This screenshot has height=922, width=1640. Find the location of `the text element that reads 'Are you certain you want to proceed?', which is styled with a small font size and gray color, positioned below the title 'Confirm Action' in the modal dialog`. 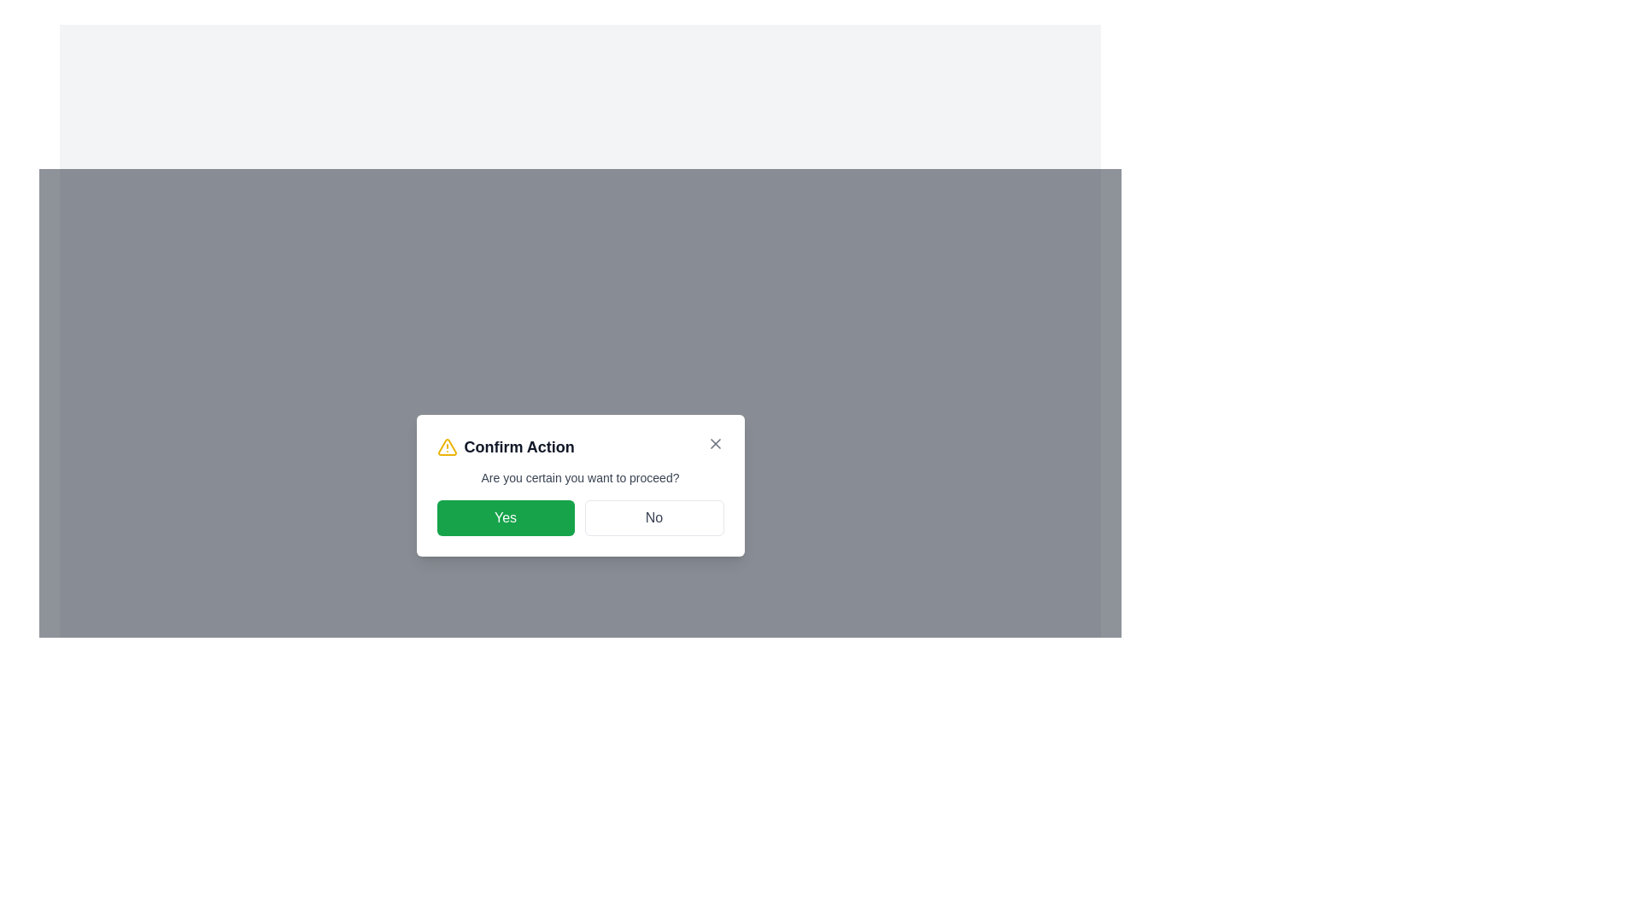

the text element that reads 'Are you certain you want to proceed?', which is styled with a small font size and gray color, positioned below the title 'Confirm Action' in the modal dialog is located at coordinates (580, 477).